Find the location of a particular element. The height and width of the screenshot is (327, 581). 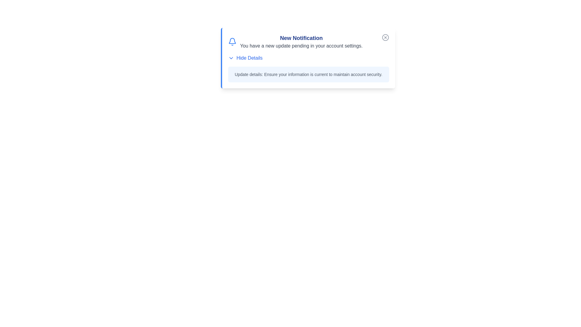

the text stating 'You have a new update pending in your account settings.' which is styled in gray and located below the heading 'New Notification' is located at coordinates (301, 45).